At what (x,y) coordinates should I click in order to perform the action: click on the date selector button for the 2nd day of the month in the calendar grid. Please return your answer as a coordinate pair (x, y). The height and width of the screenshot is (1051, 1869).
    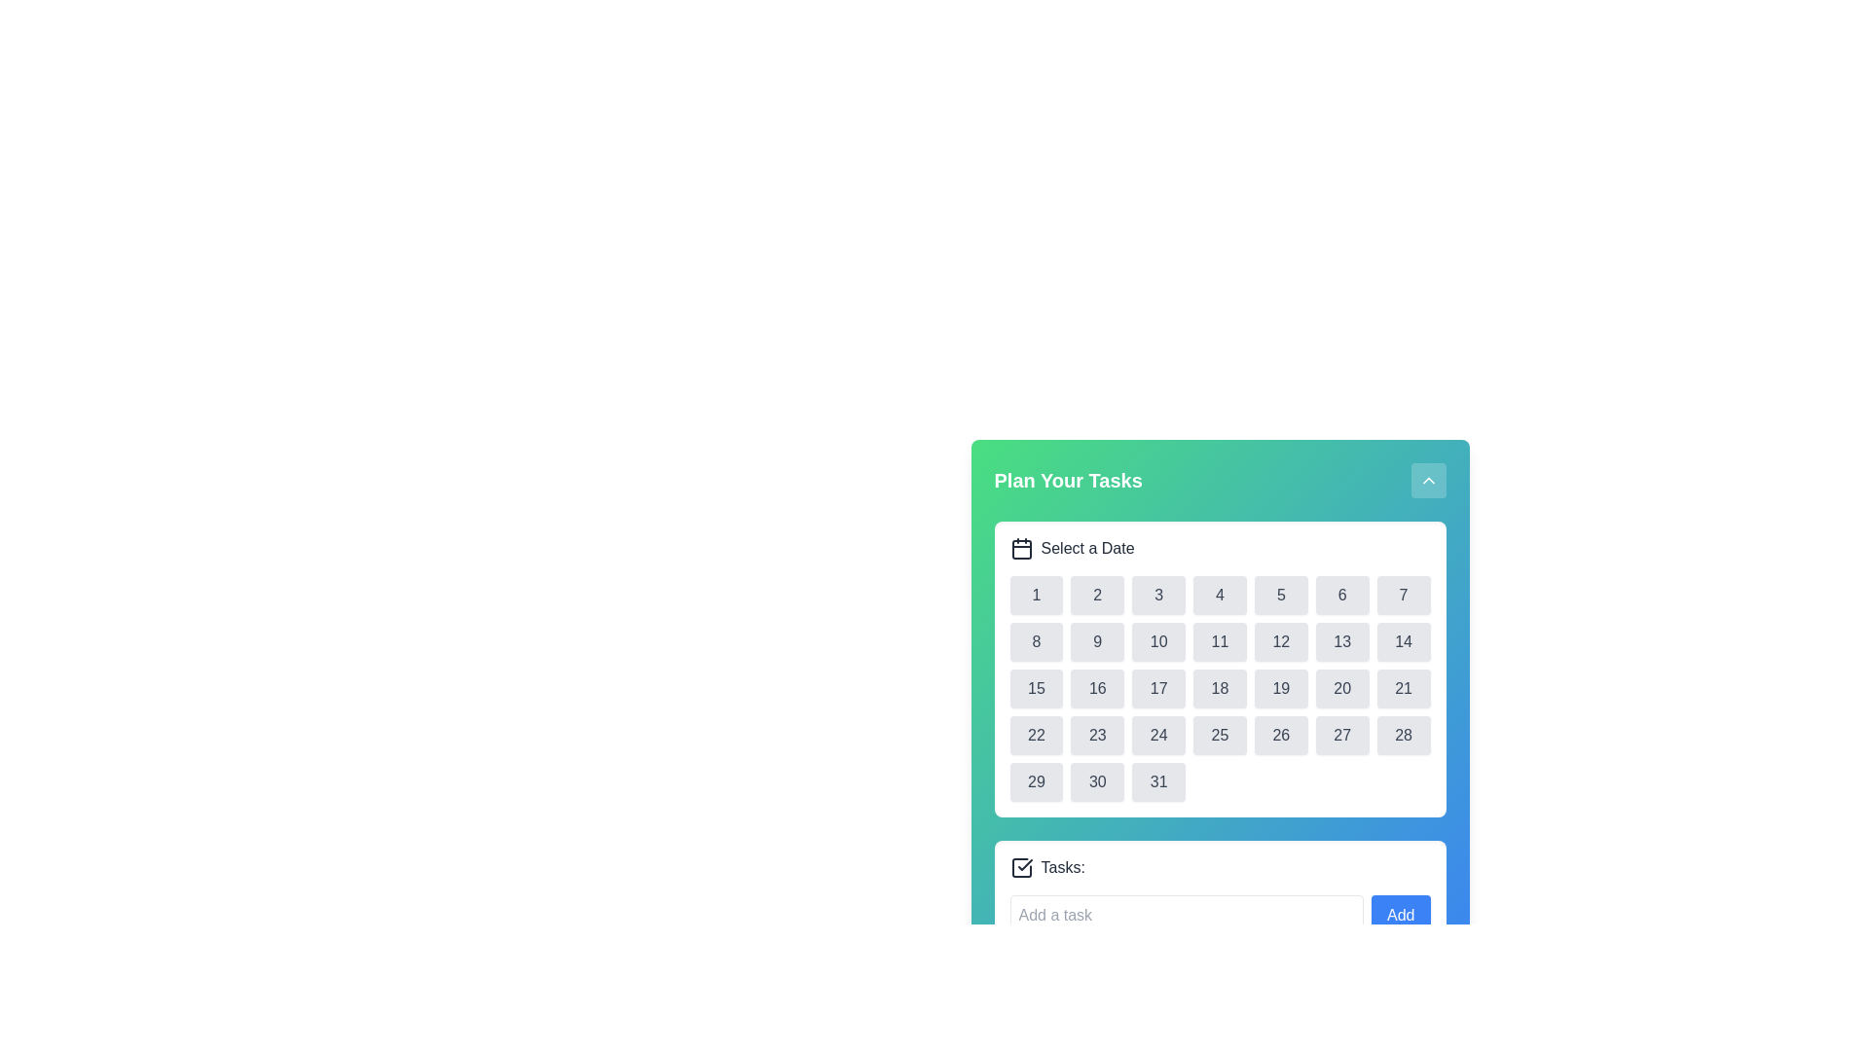
    Looking at the image, I should click on (1097, 595).